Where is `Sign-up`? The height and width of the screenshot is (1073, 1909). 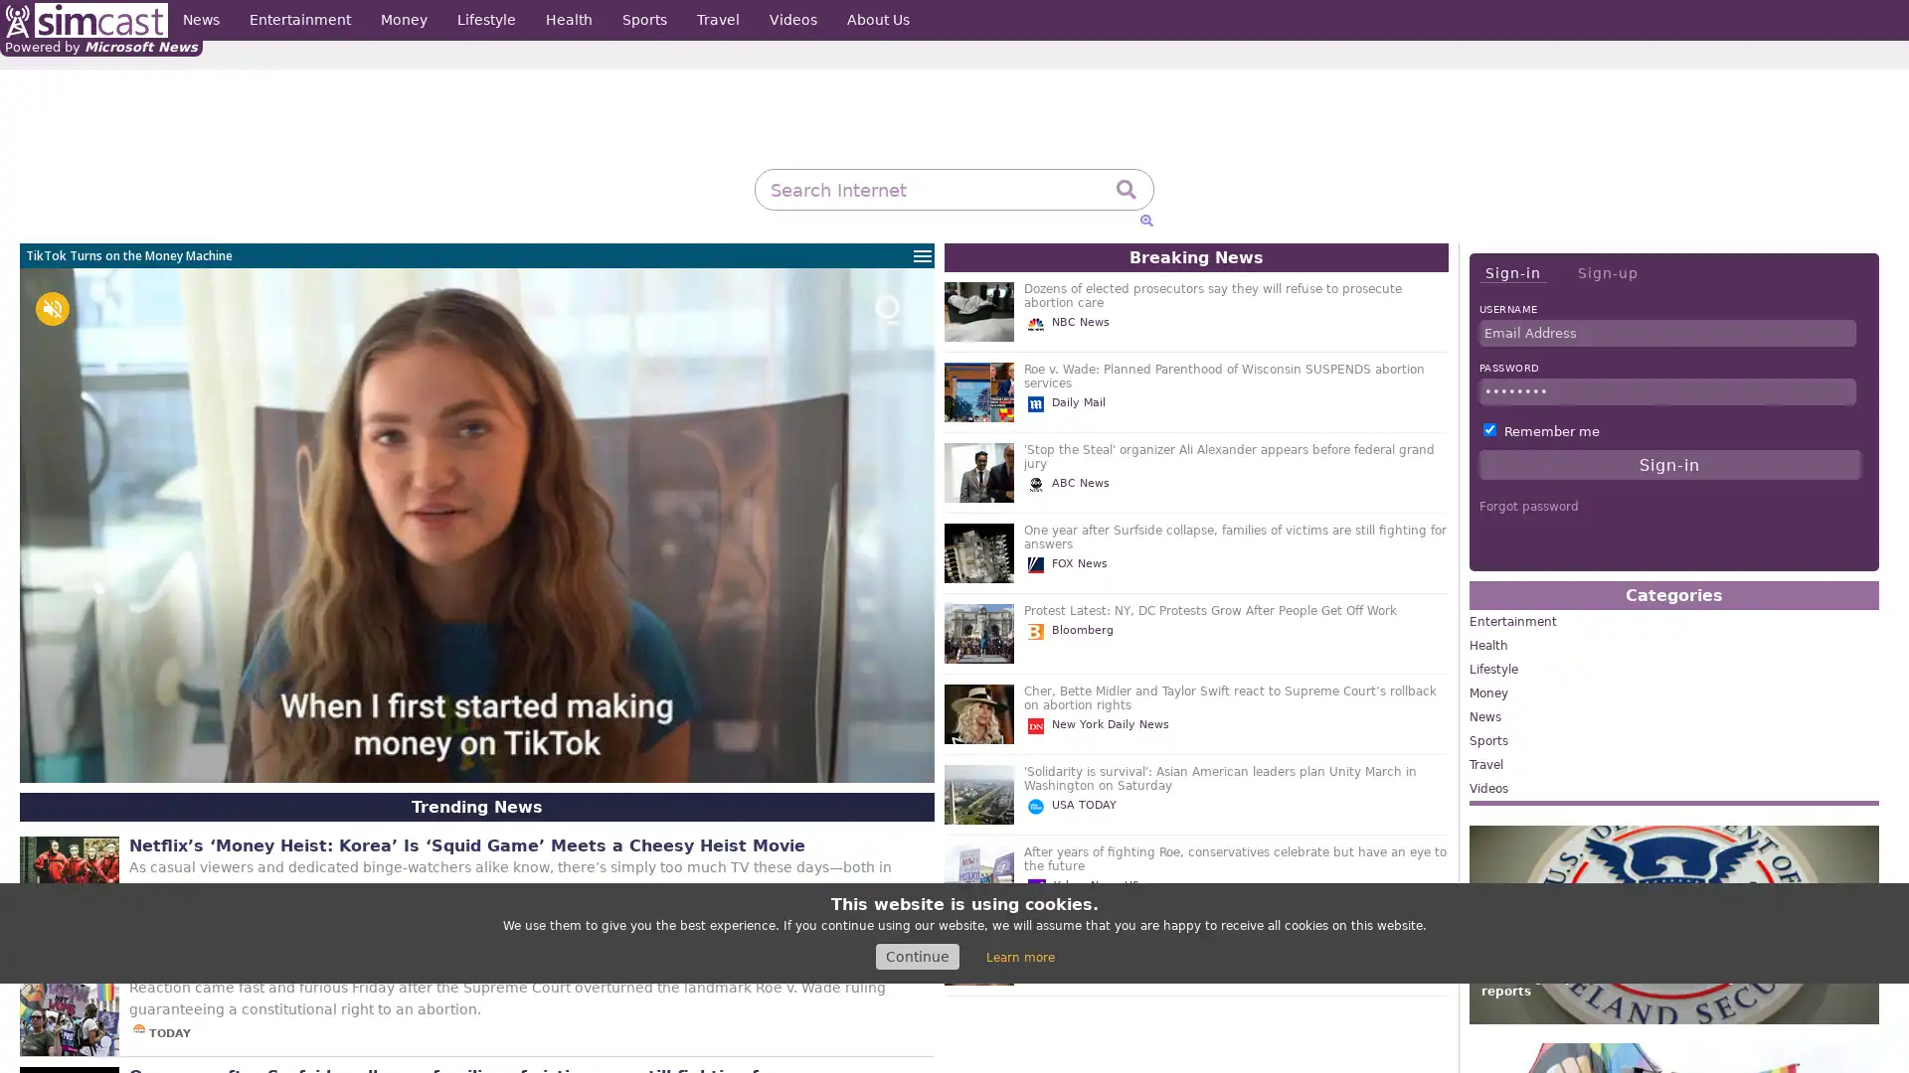
Sign-up is located at coordinates (1607, 272).